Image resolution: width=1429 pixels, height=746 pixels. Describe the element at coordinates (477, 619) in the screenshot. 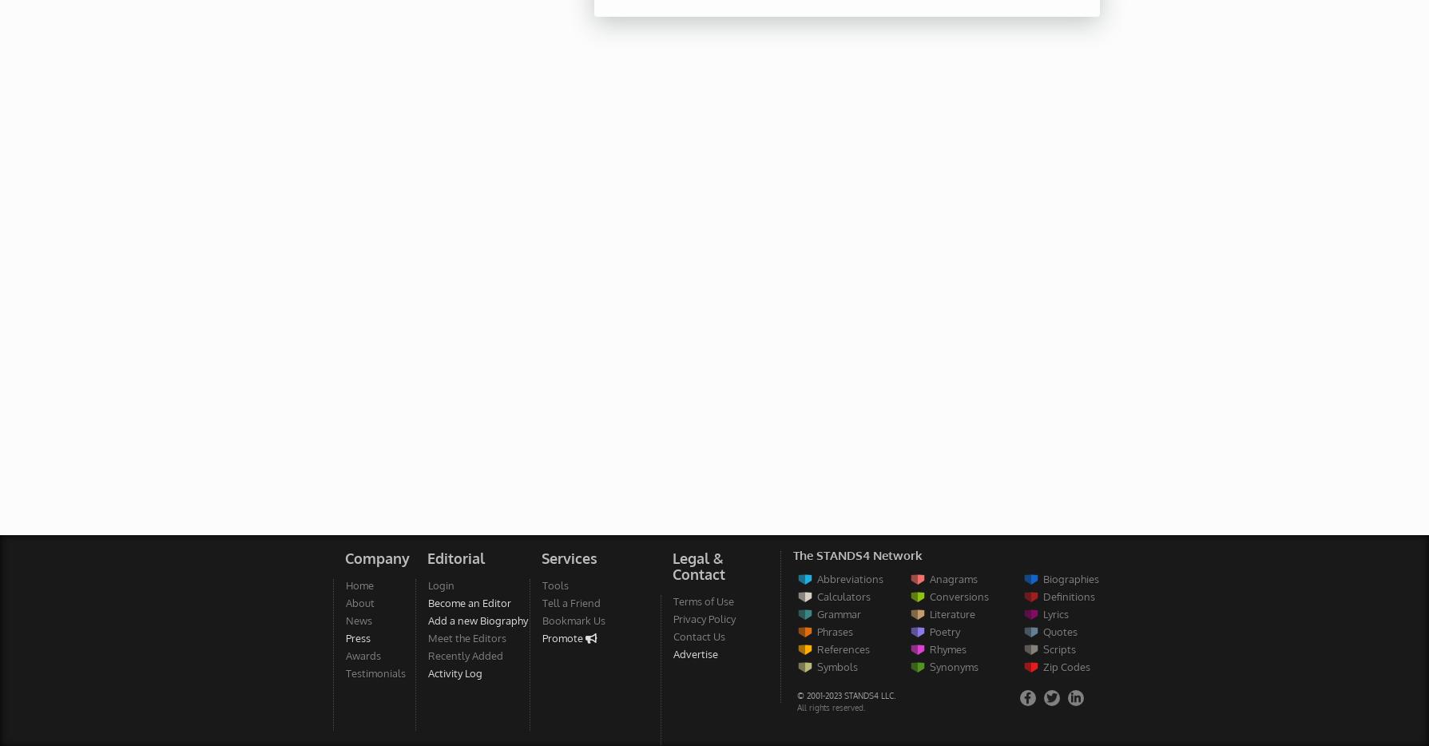

I see `'Add a new Biography'` at that location.